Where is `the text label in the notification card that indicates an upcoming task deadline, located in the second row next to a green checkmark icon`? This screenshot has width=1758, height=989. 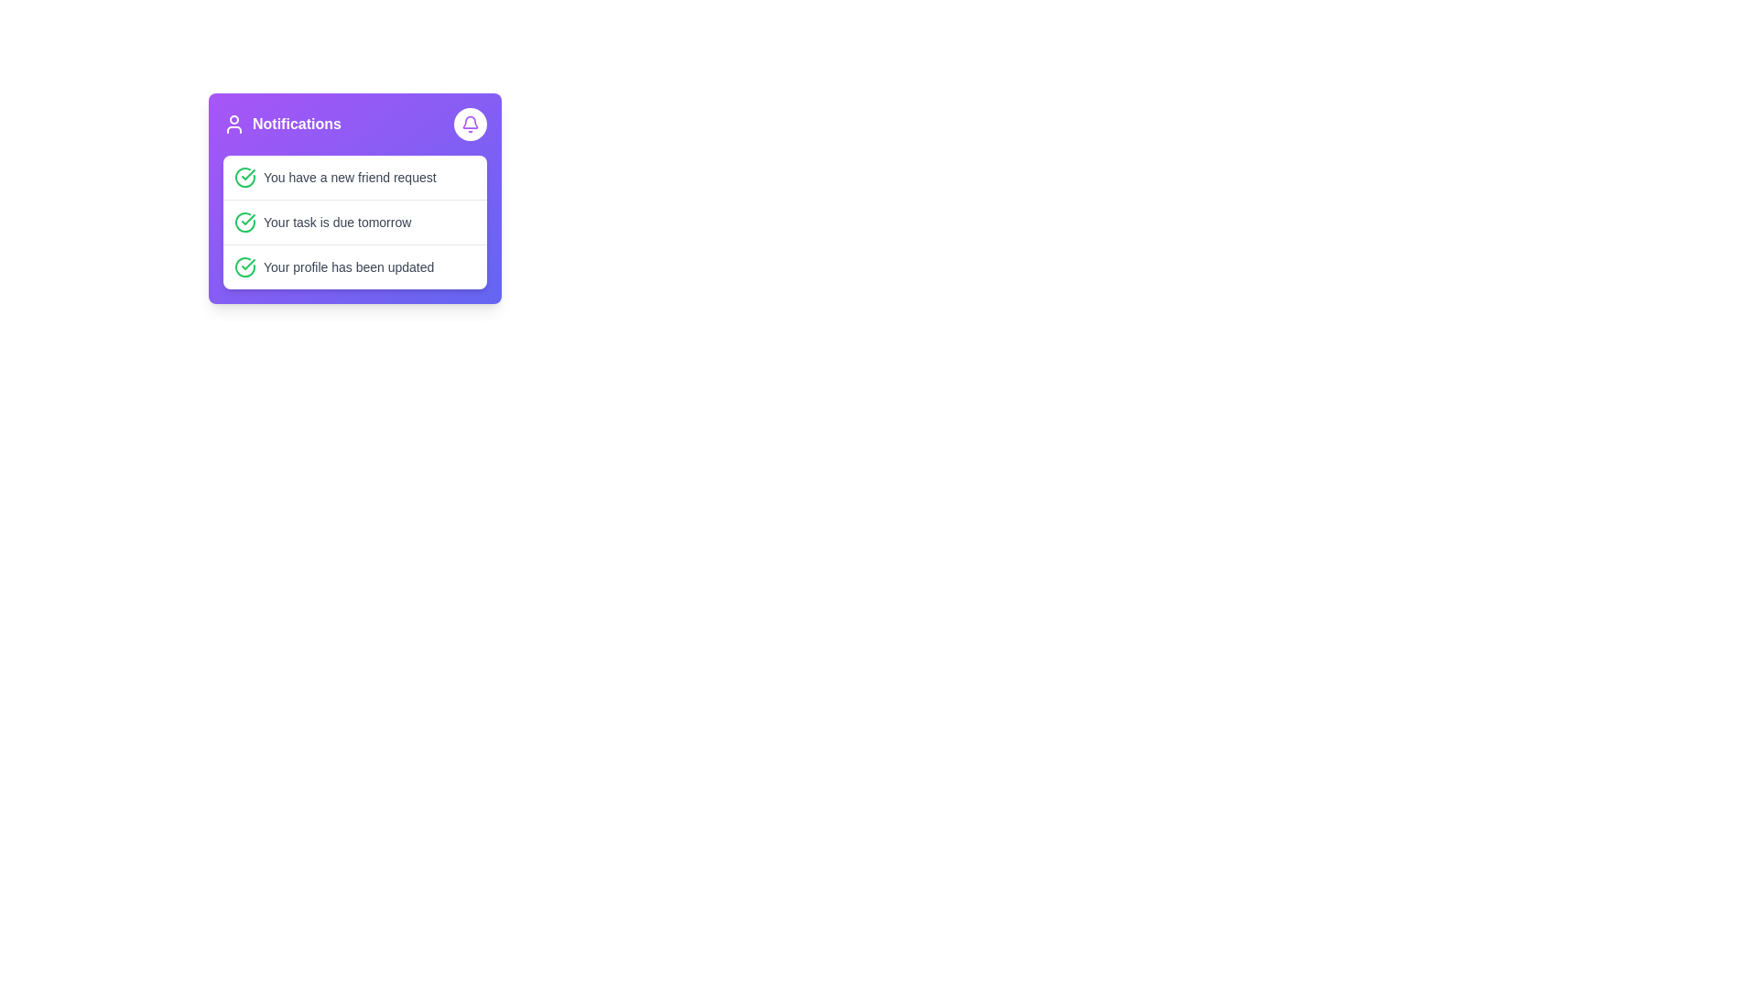 the text label in the notification card that indicates an upcoming task deadline, located in the second row next to a green checkmark icon is located at coordinates (337, 222).